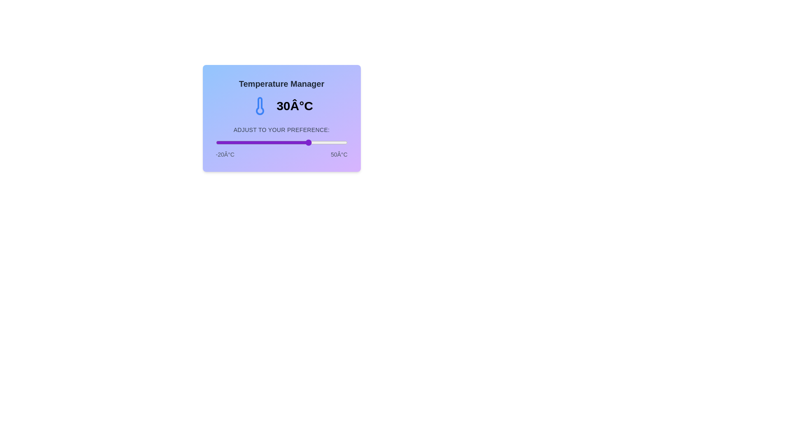  What do you see at coordinates (221, 142) in the screenshot?
I see `the temperature to -17 degrees Celsius by dragging the slider` at bounding box center [221, 142].